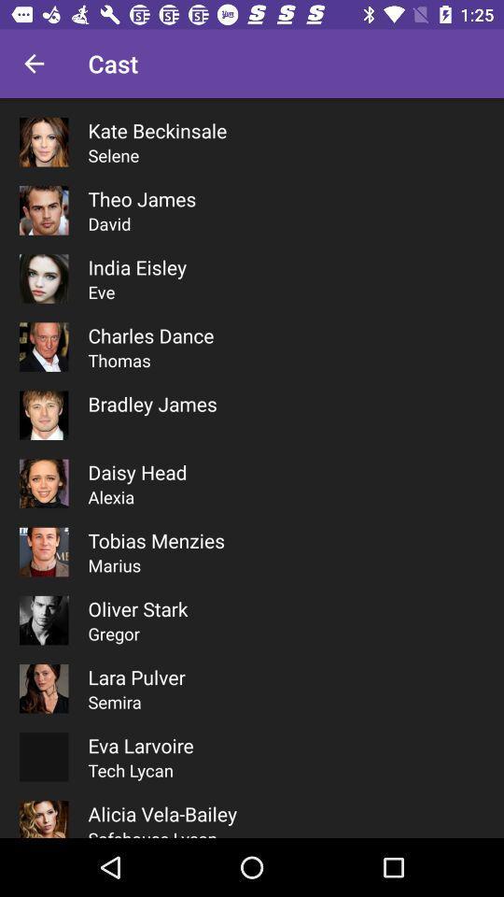  I want to click on gregor item, so click(114, 634).